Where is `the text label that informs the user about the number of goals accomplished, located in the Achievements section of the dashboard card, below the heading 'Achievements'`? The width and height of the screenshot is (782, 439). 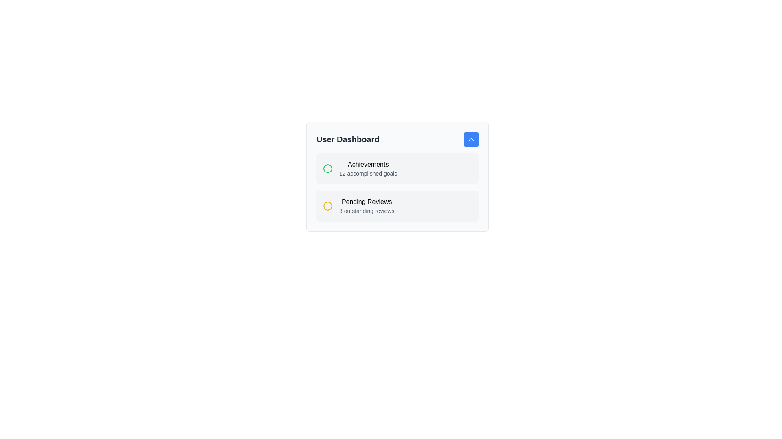
the text label that informs the user about the number of goals accomplished, located in the Achievements section of the dashboard card, below the heading 'Achievements' is located at coordinates (368, 173).